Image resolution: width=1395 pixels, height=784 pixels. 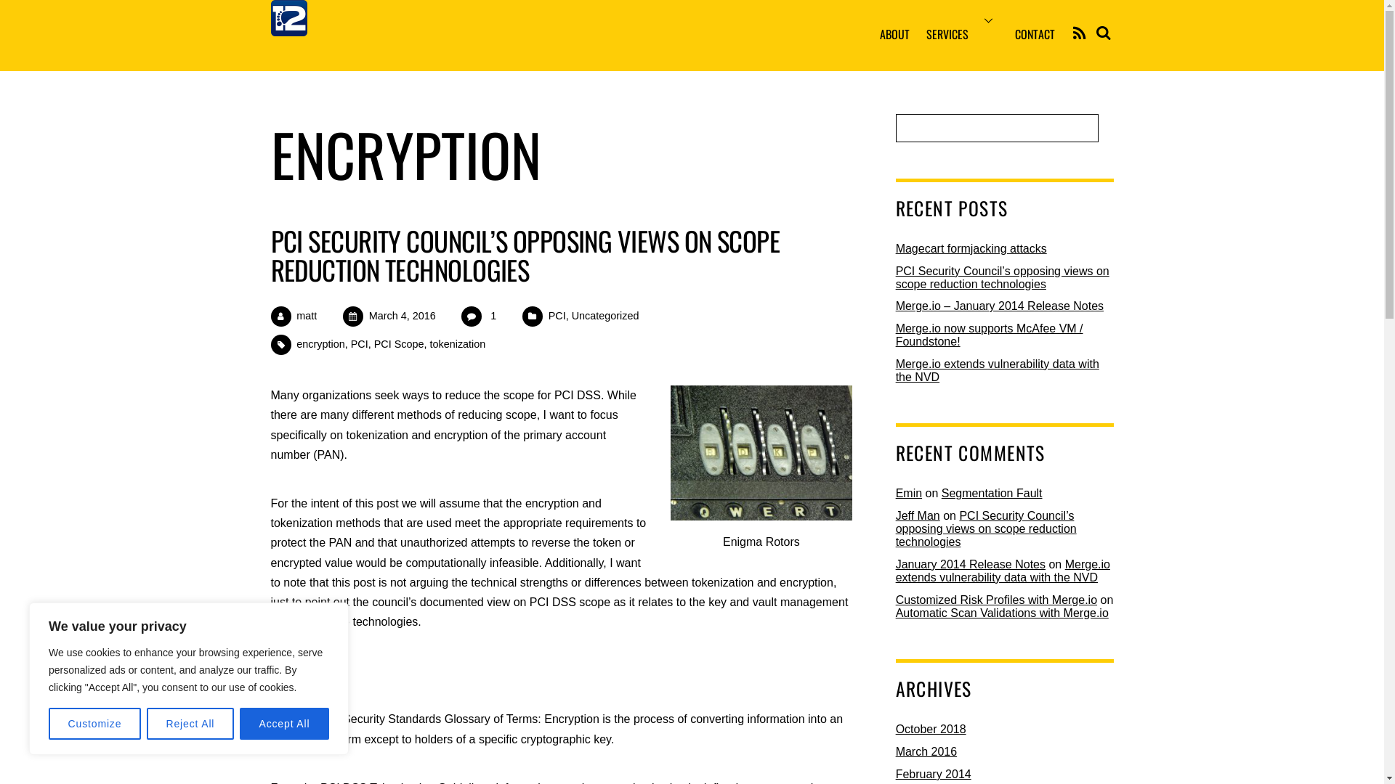 What do you see at coordinates (1101, 33) in the screenshot?
I see `'Search'` at bounding box center [1101, 33].